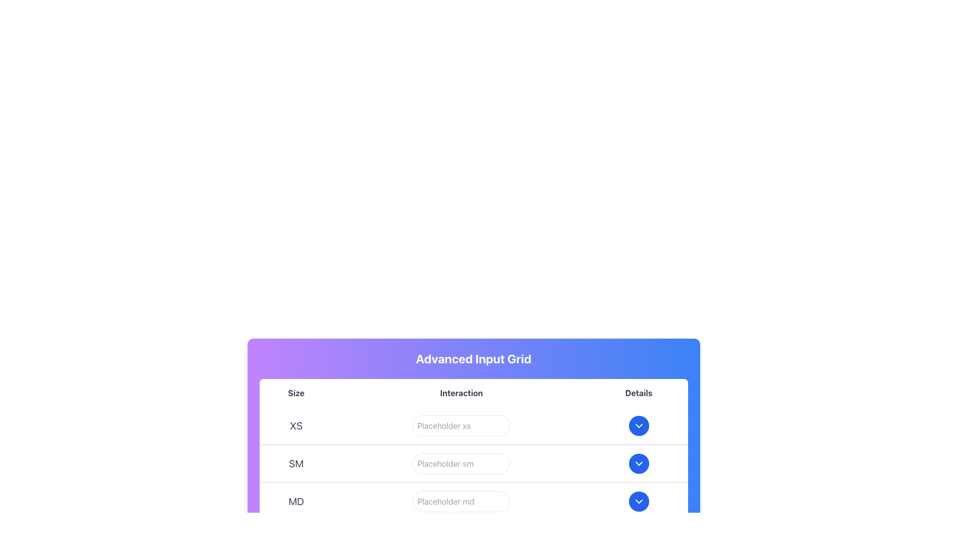 The image size is (970, 545). What do you see at coordinates (638, 502) in the screenshot?
I see `the third circular button` at bounding box center [638, 502].